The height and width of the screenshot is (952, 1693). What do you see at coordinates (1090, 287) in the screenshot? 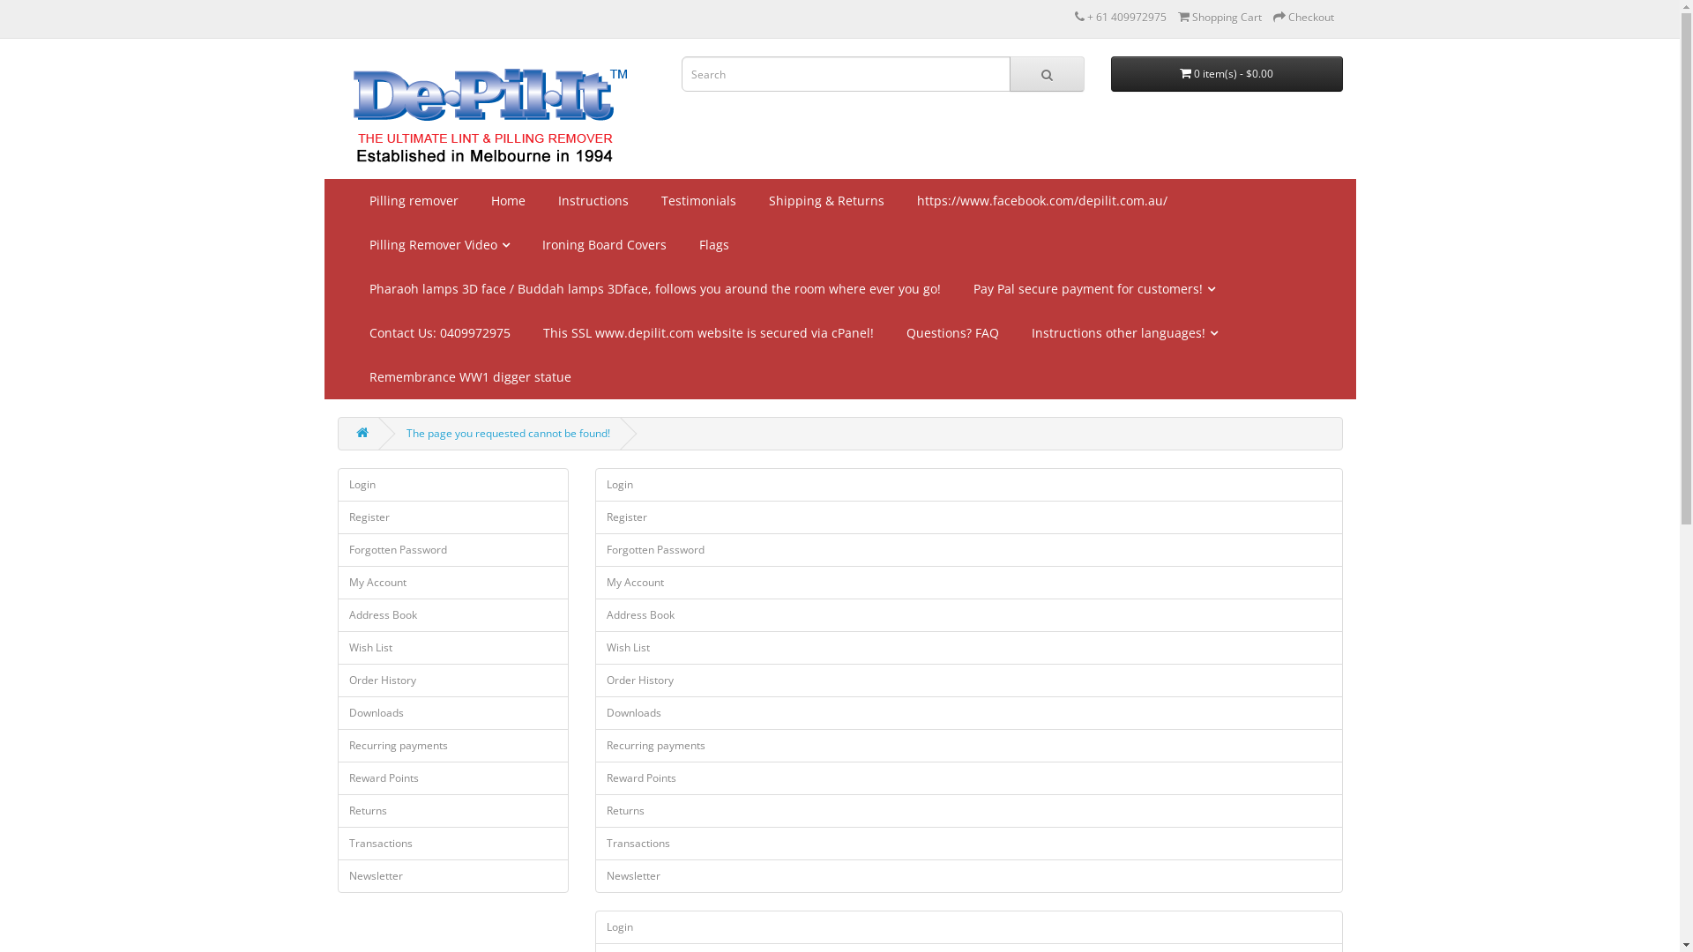
I see `'Pay Pal secure payment for customers!'` at bounding box center [1090, 287].